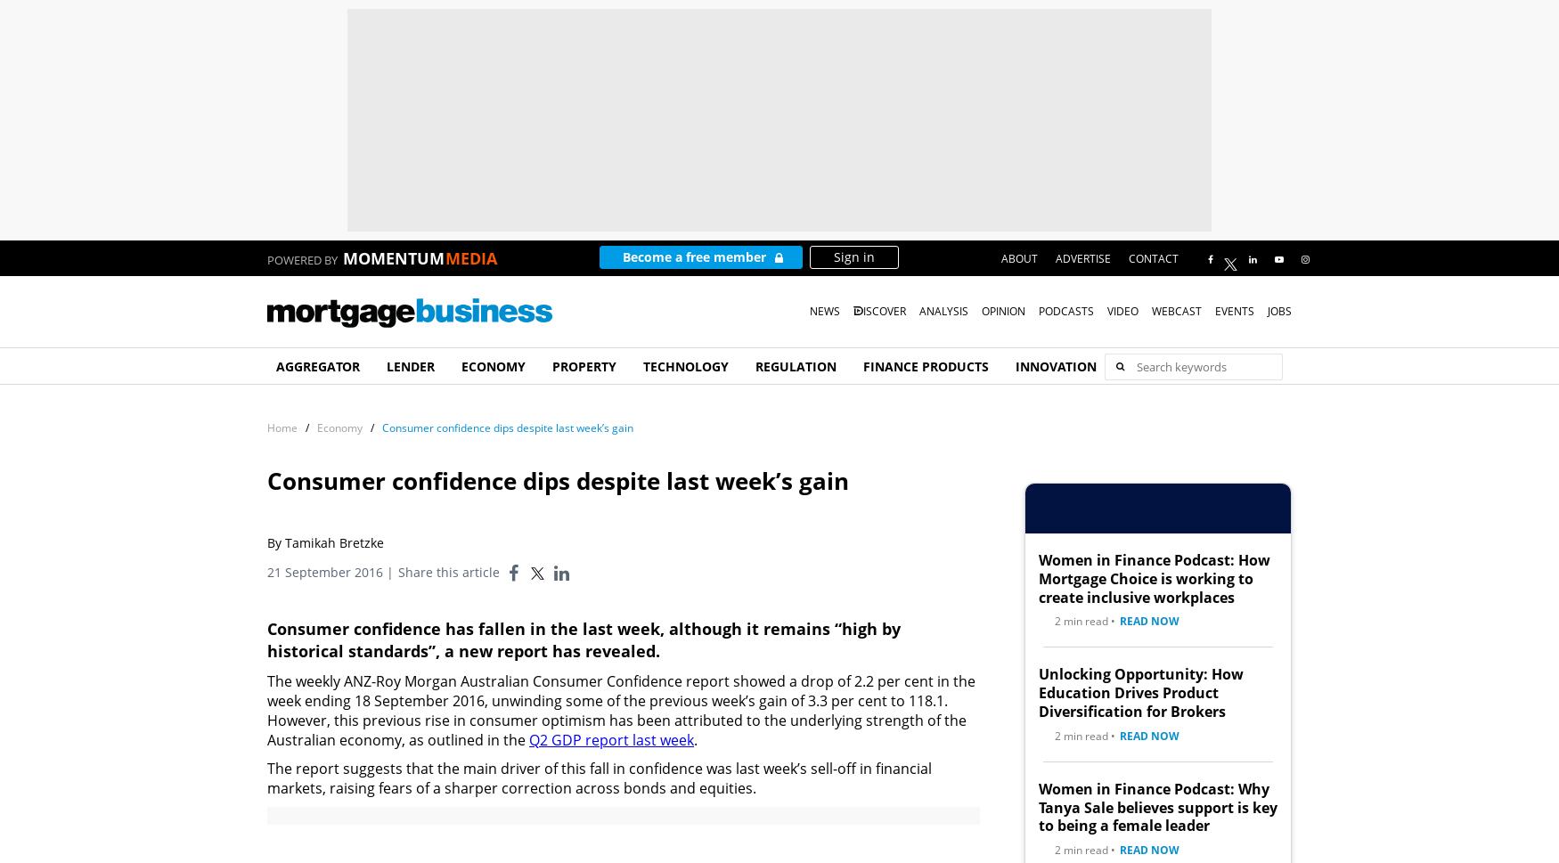 The image size is (1559, 863). I want to click on 'MOMENTUM', so click(394, 258).